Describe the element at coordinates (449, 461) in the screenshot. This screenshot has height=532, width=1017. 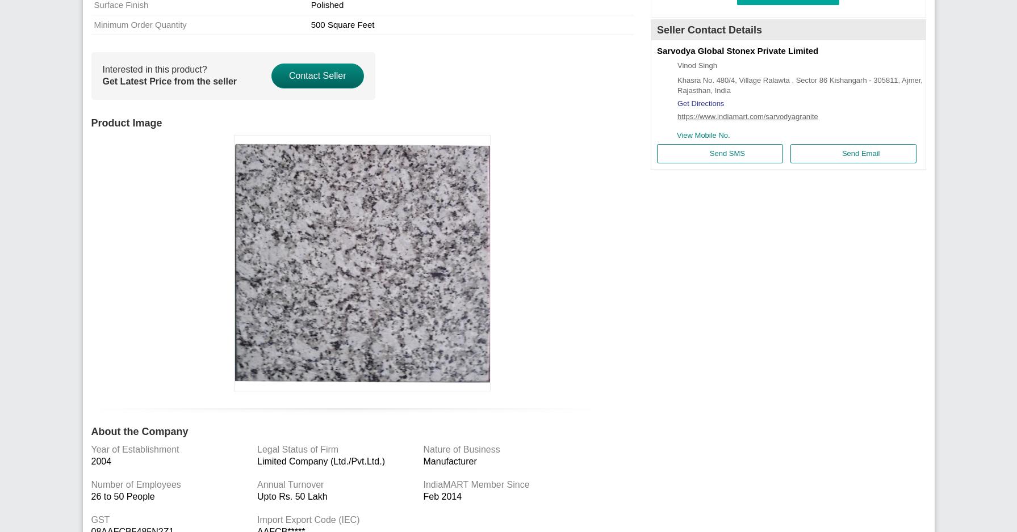
I see `'Manufacturer'` at that location.